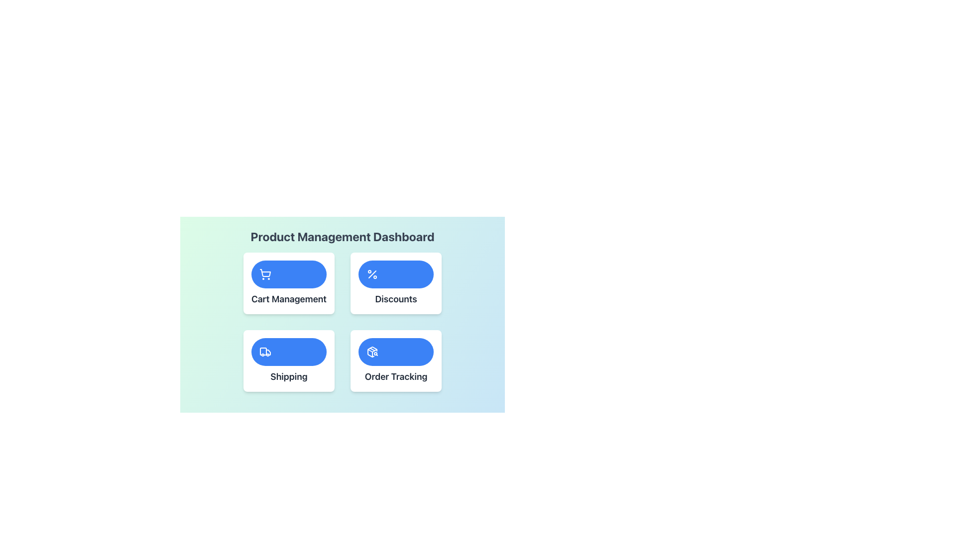  Describe the element at coordinates (372, 352) in the screenshot. I see `the 'Order Tracking' icon, which is a sole graphical icon in a rounded blue circular background located in the bottom-right of a 2x2 grid layout` at that location.